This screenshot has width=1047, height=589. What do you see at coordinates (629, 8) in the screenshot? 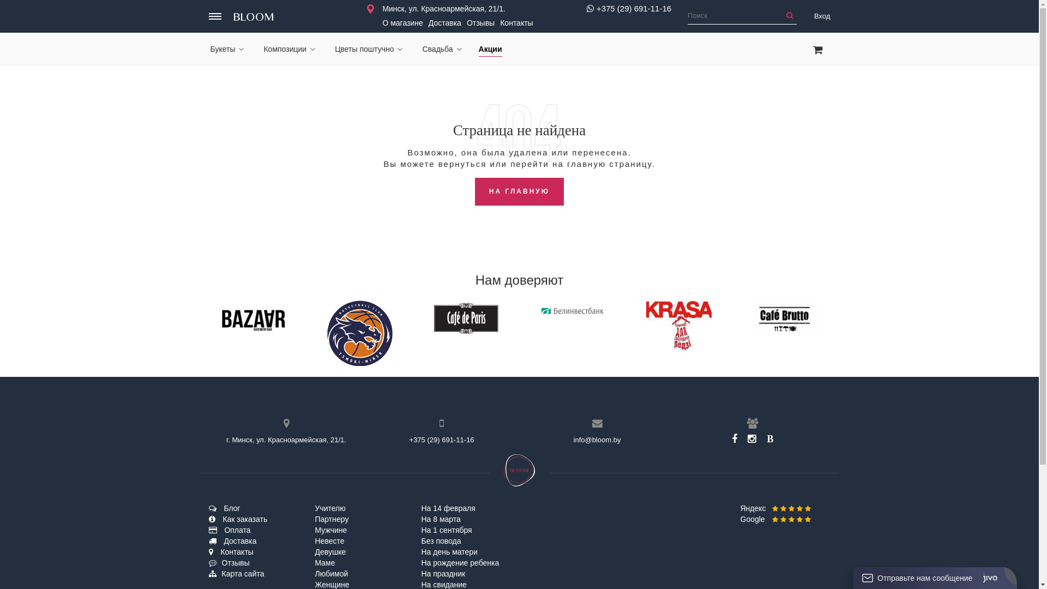
I see `'+375 (29) 691-11-16'` at bounding box center [629, 8].